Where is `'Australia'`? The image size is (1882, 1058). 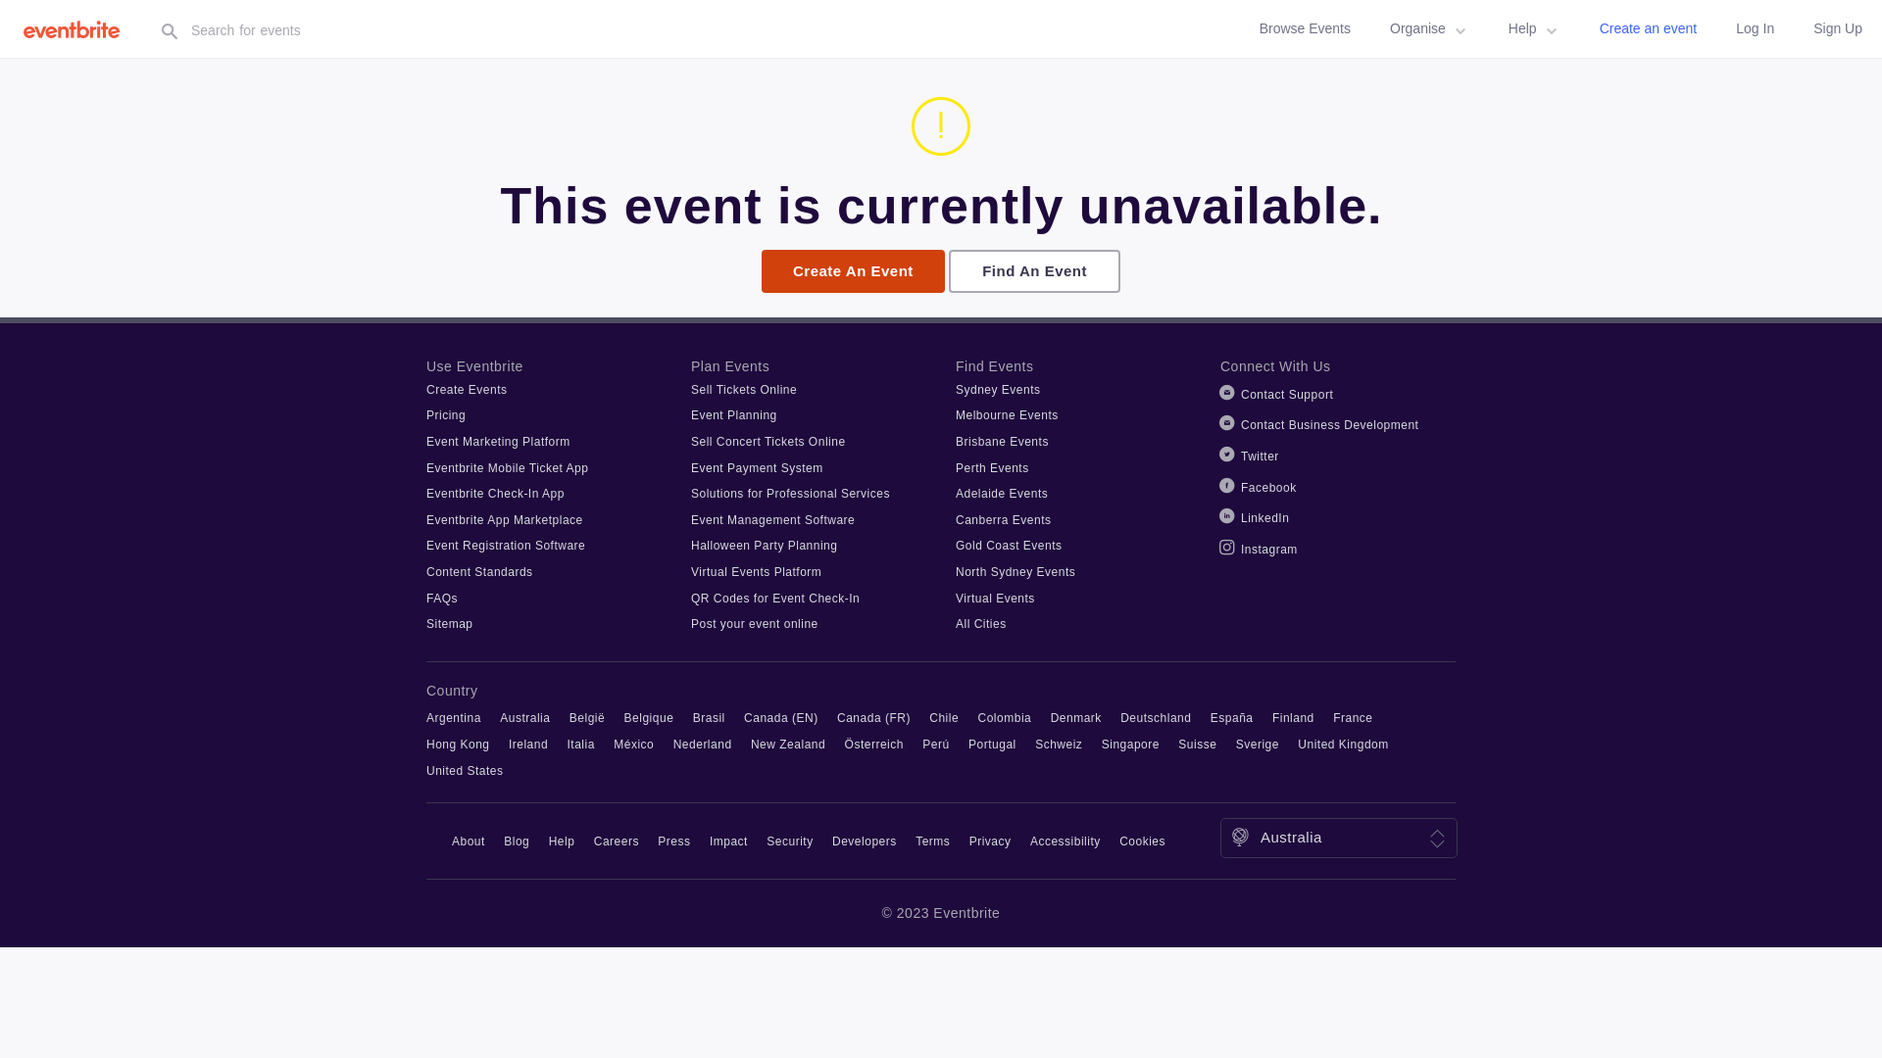
'Australia' is located at coordinates (524, 717).